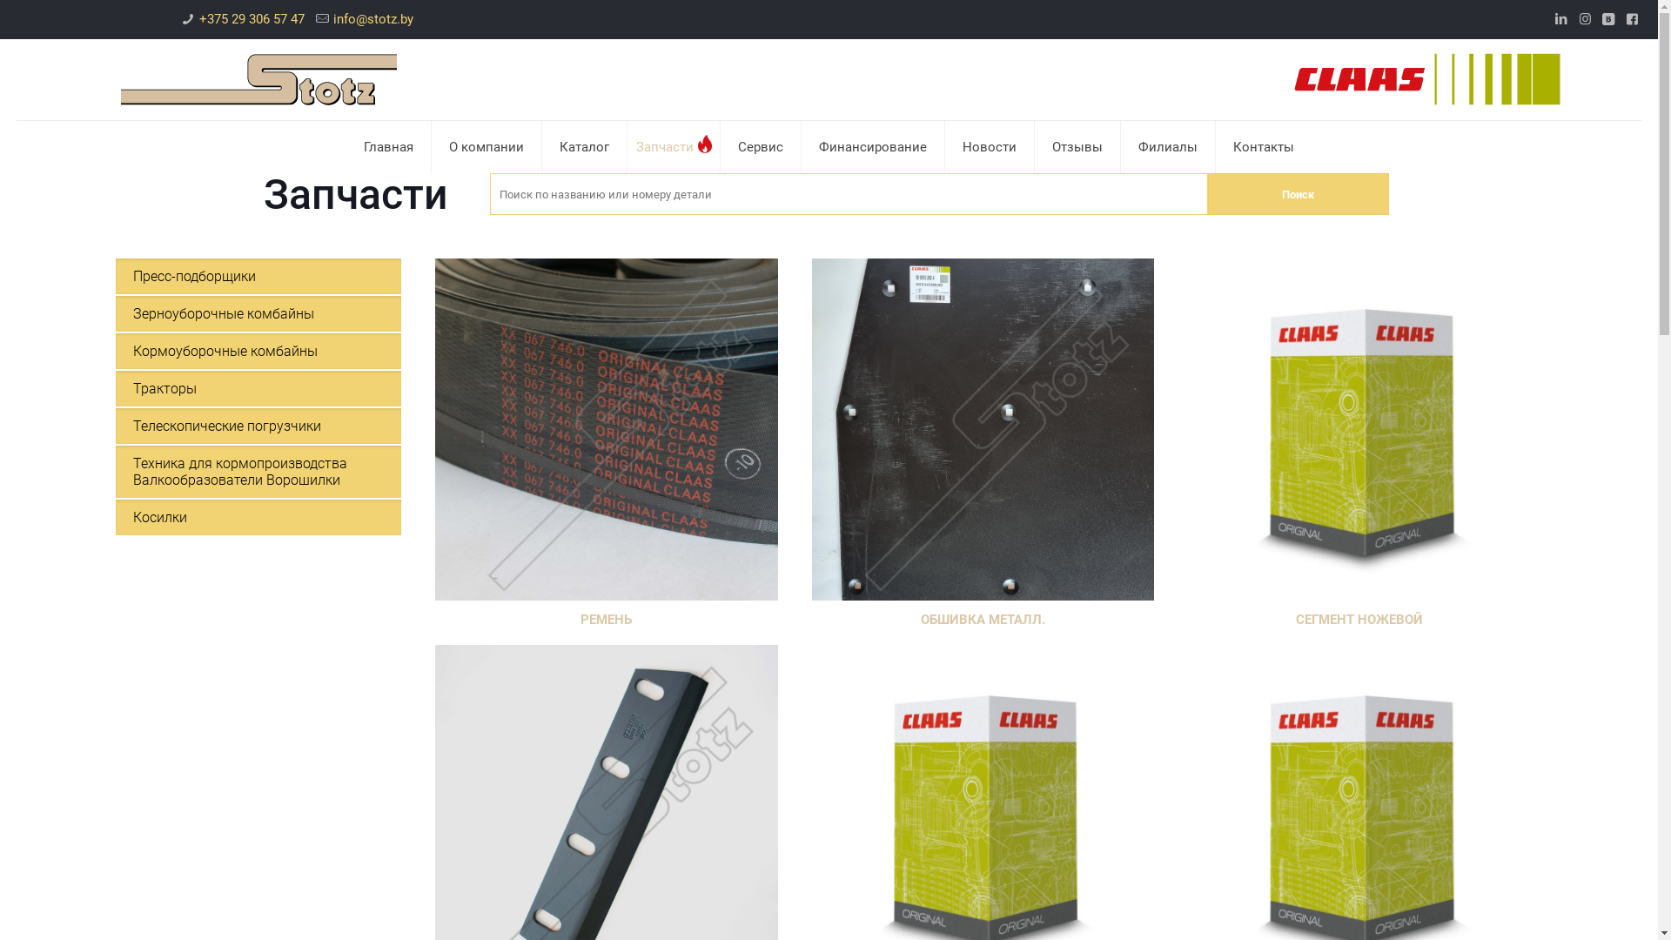 The image size is (1671, 940). What do you see at coordinates (1553, 19) in the screenshot?
I see `'LinkedIn'` at bounding box center [1553, 19].